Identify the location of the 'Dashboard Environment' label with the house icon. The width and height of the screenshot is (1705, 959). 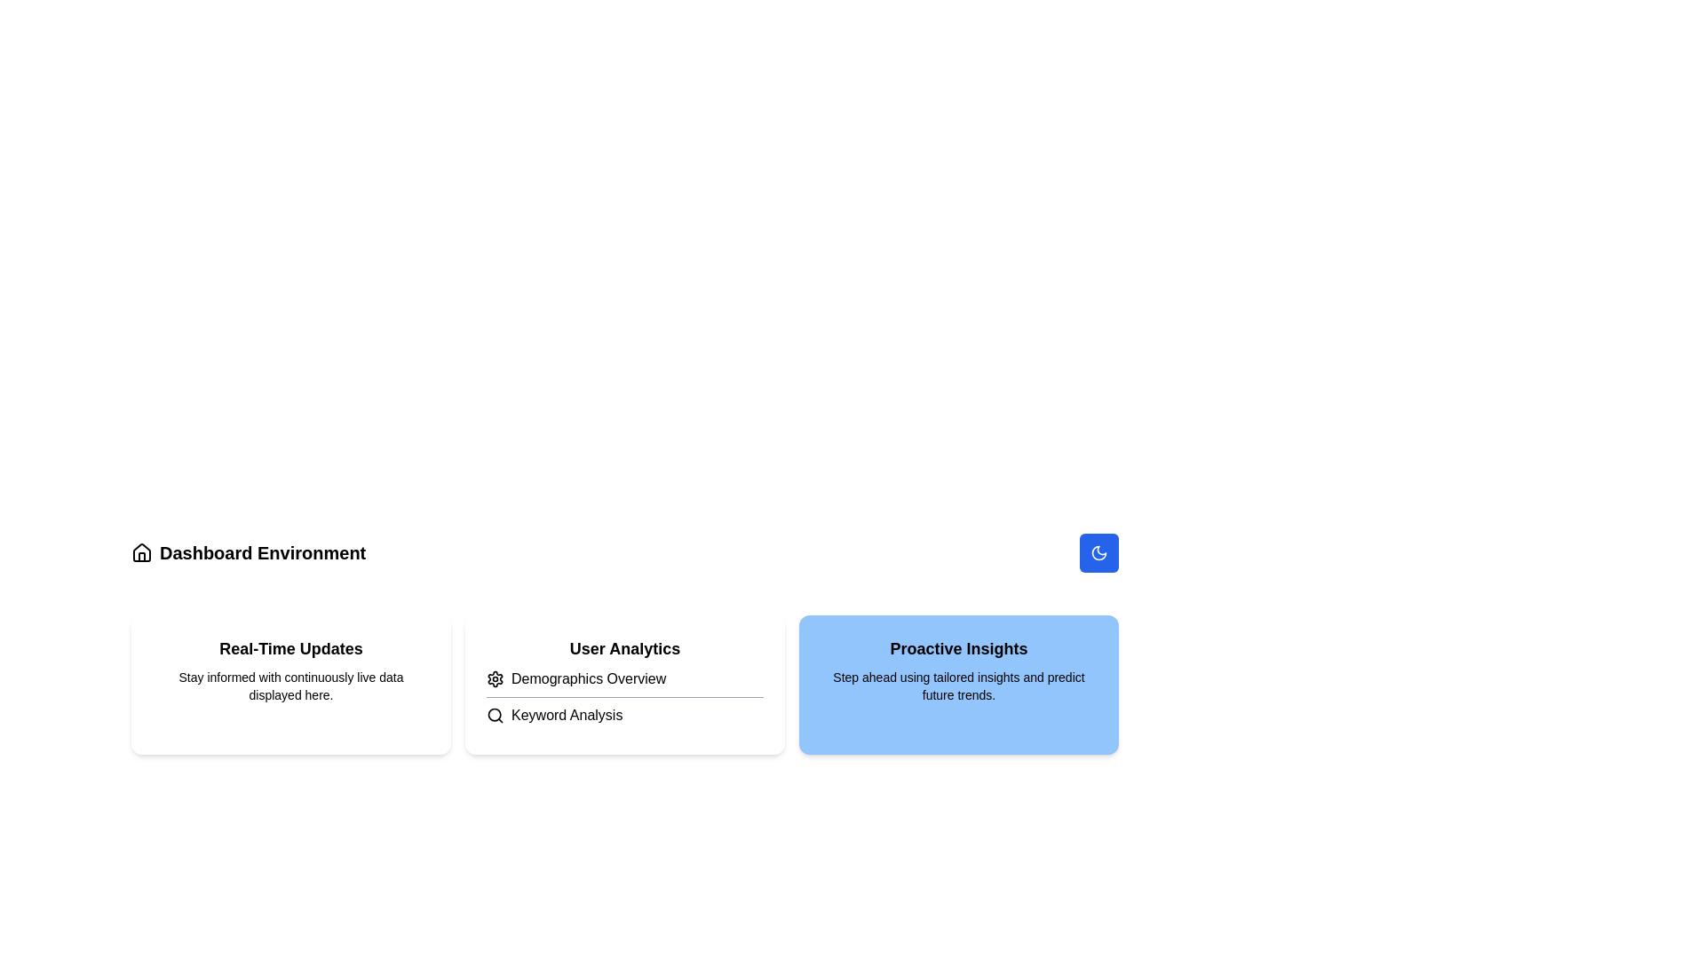
(248, 552).